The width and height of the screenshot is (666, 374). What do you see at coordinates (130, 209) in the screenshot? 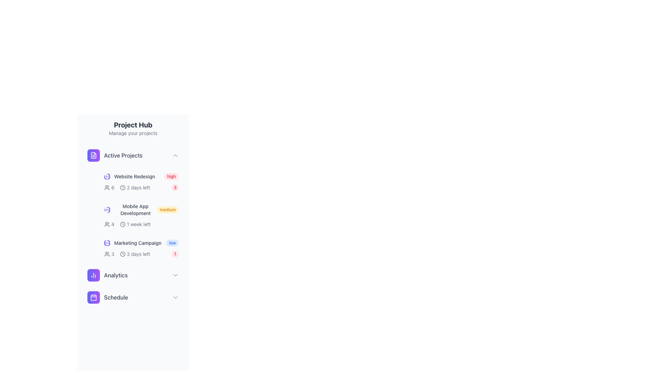
I see `the progress indicator and descriptive text label for 'Mobile App Development', which is the second item in the list of active projects, positioned below 'Website Redesign'` at bounding box center [130, 209].